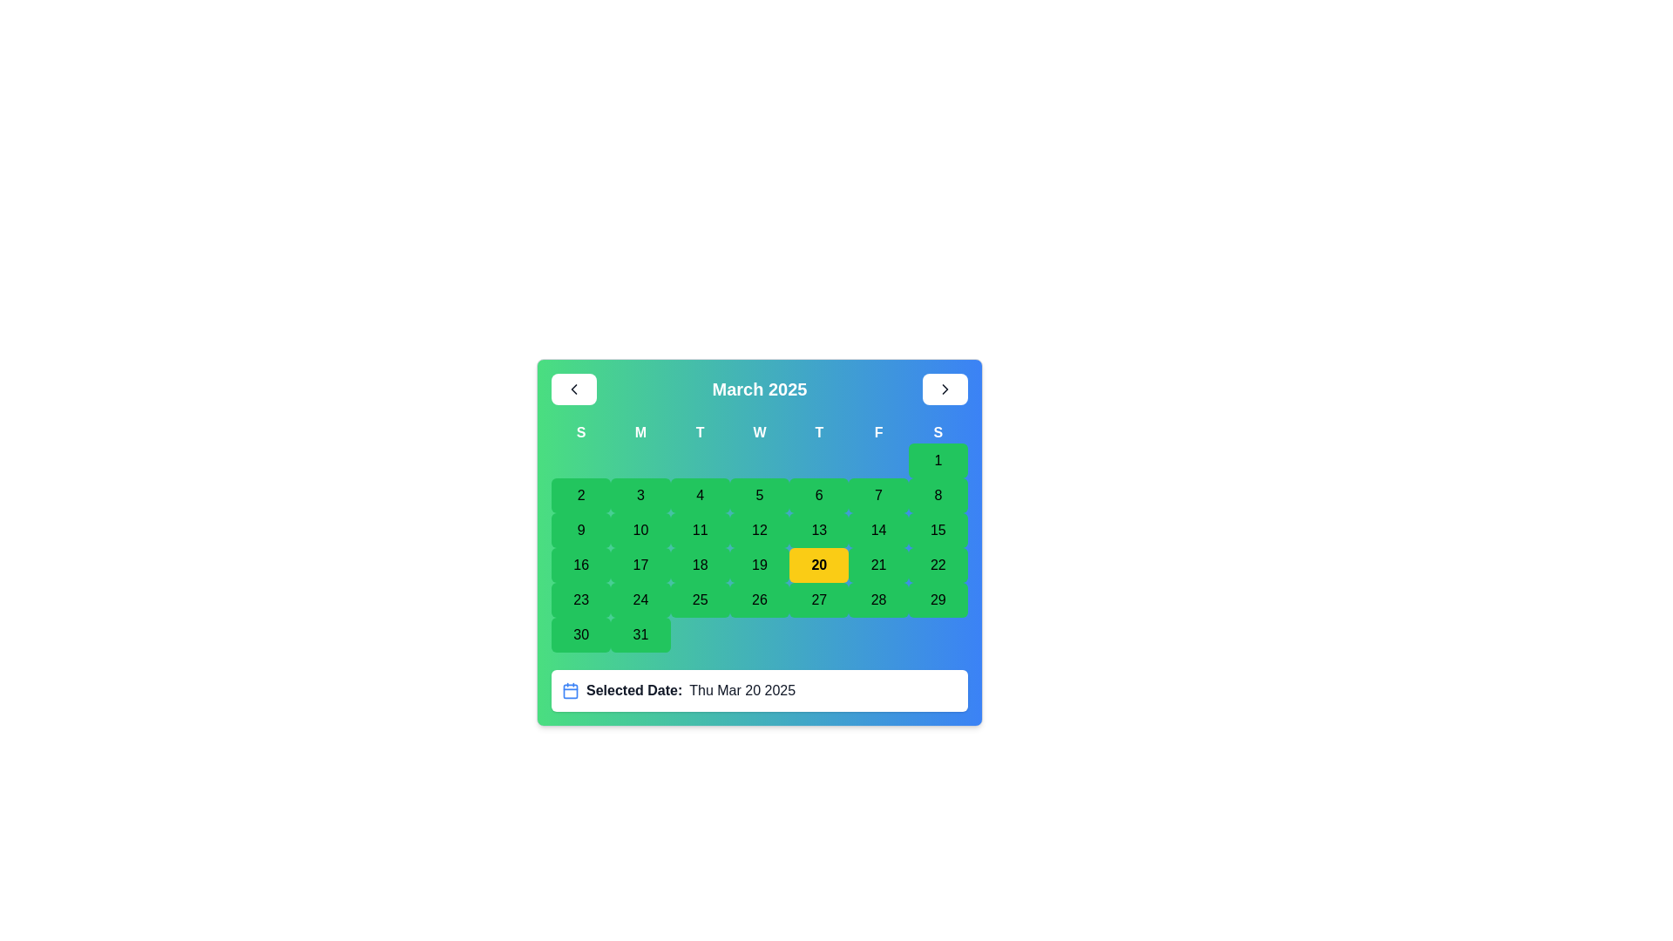 Image resolution: width=1673 pixels, height=941 pixels. Describe the element at coordinates (818, 599) in the screenshot. I see `the button representing the date 27th under the header 'March 2025' to potentially reveal additional information` at that location.